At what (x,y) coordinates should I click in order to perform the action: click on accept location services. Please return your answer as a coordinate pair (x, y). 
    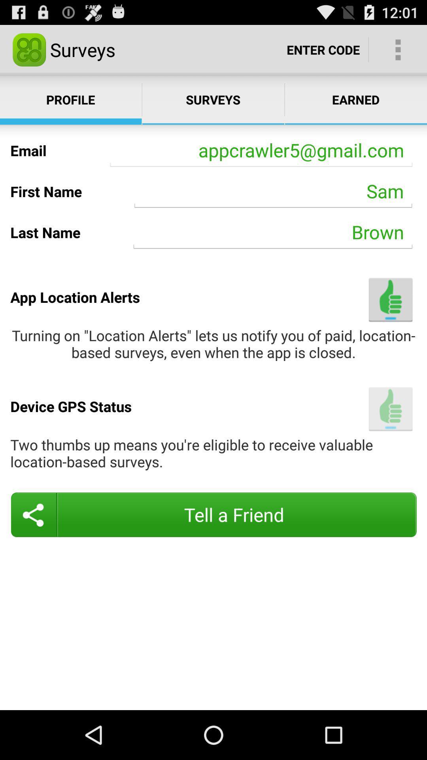
    Looking at the image, I should click on (390, 409).